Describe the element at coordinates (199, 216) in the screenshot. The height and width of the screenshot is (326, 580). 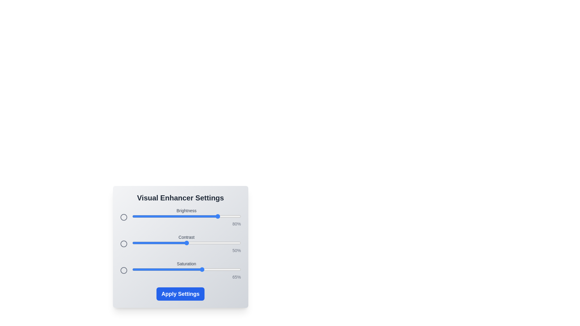
I see `the 0 slider to 62%` at that location.